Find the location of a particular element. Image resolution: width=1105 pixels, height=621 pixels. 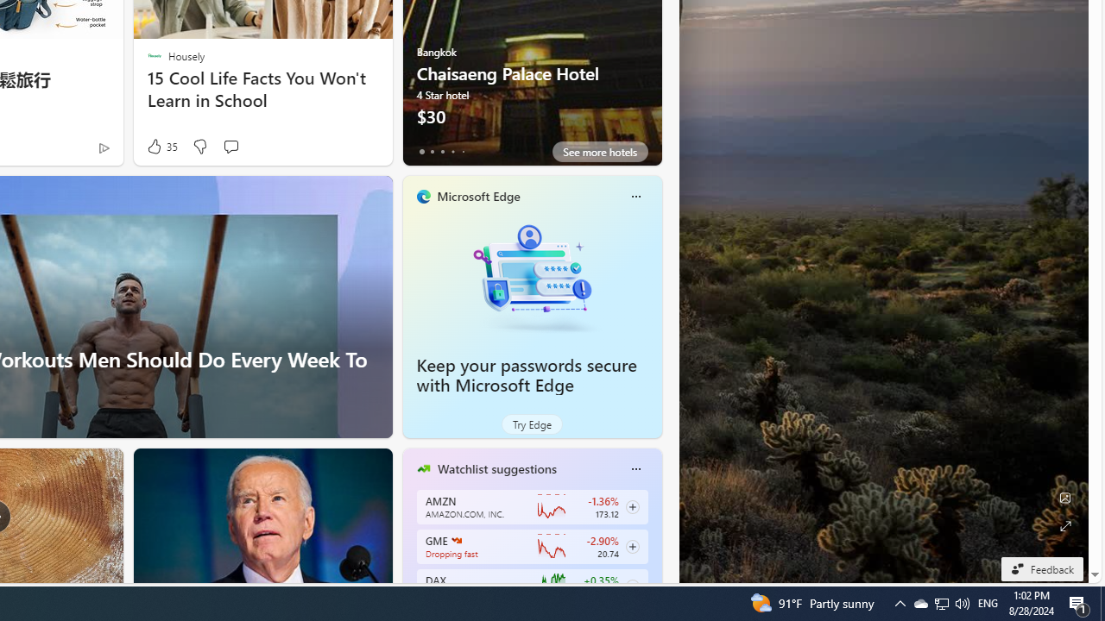

'35 Like' is located at coordinates (161, 146).